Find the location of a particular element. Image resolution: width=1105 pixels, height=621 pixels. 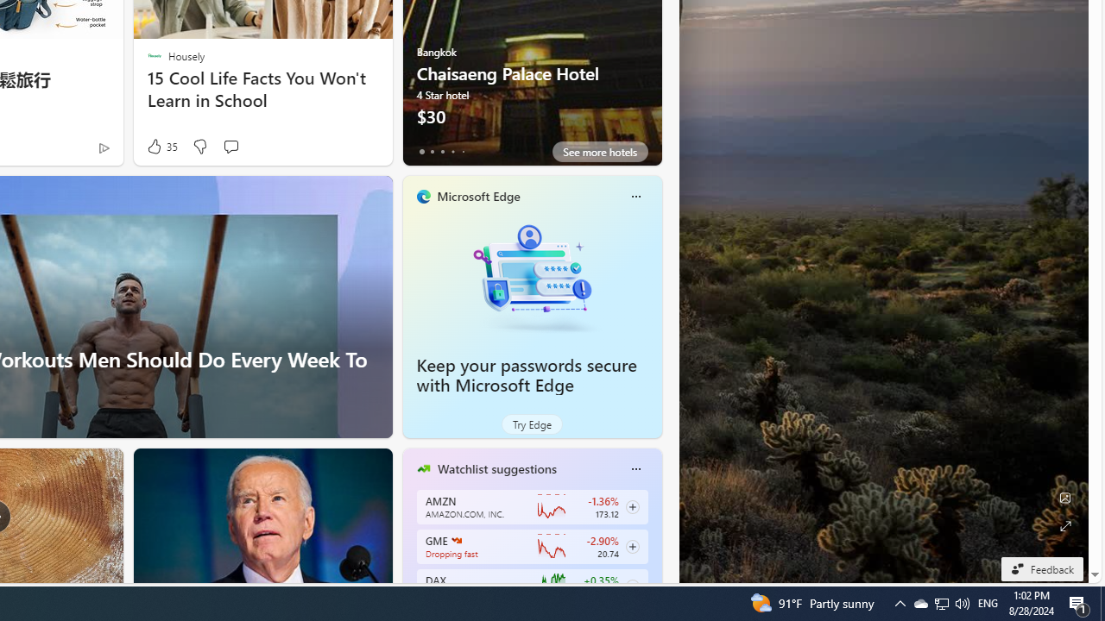

'35 Like' is located at coordinates (161, 146).